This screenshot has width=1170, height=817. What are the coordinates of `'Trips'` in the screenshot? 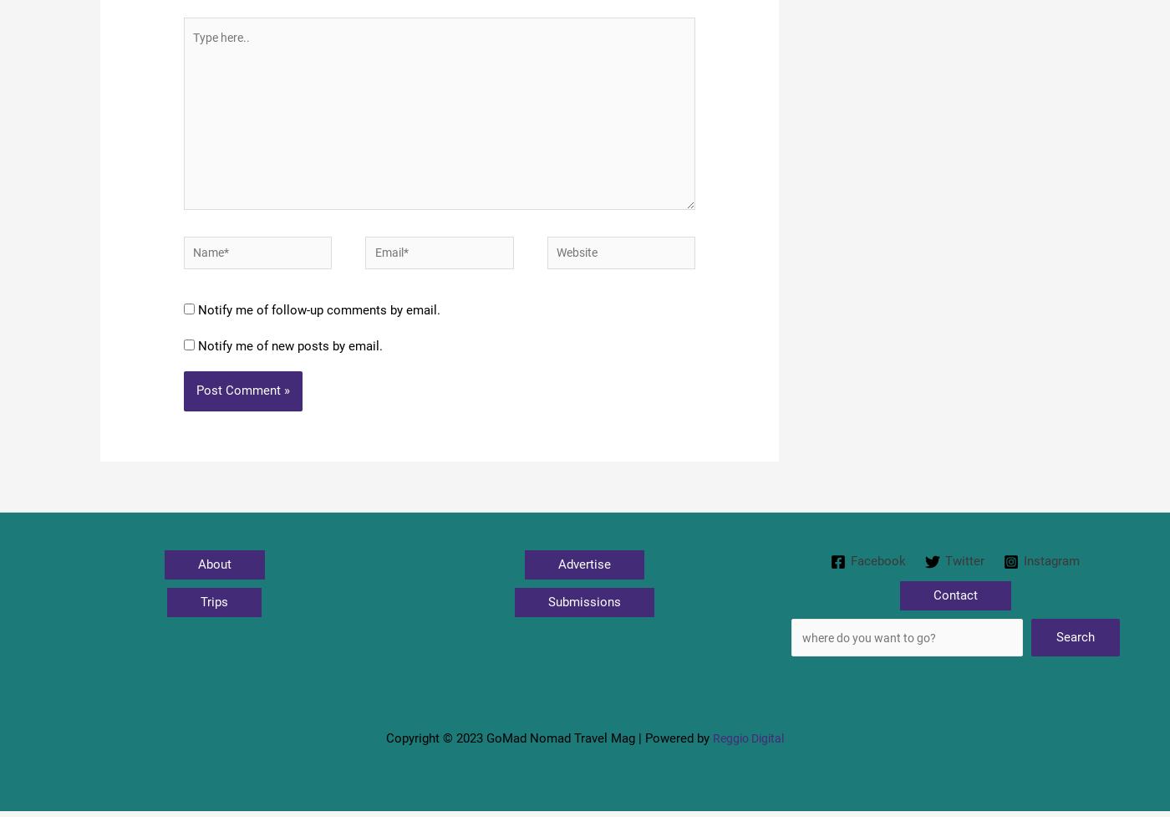 It's located at (214, 617).